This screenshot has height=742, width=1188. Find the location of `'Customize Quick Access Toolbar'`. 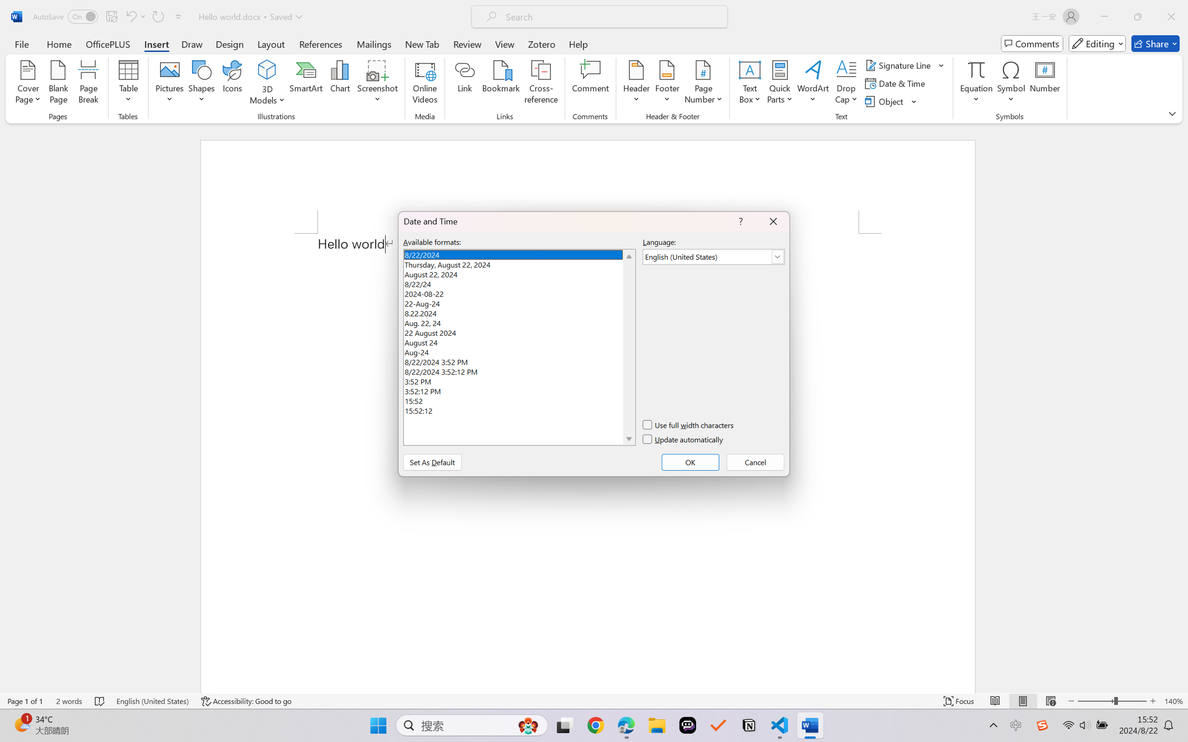

'Customize Quick Access Toolbar' is located at coordinates (178, 16).